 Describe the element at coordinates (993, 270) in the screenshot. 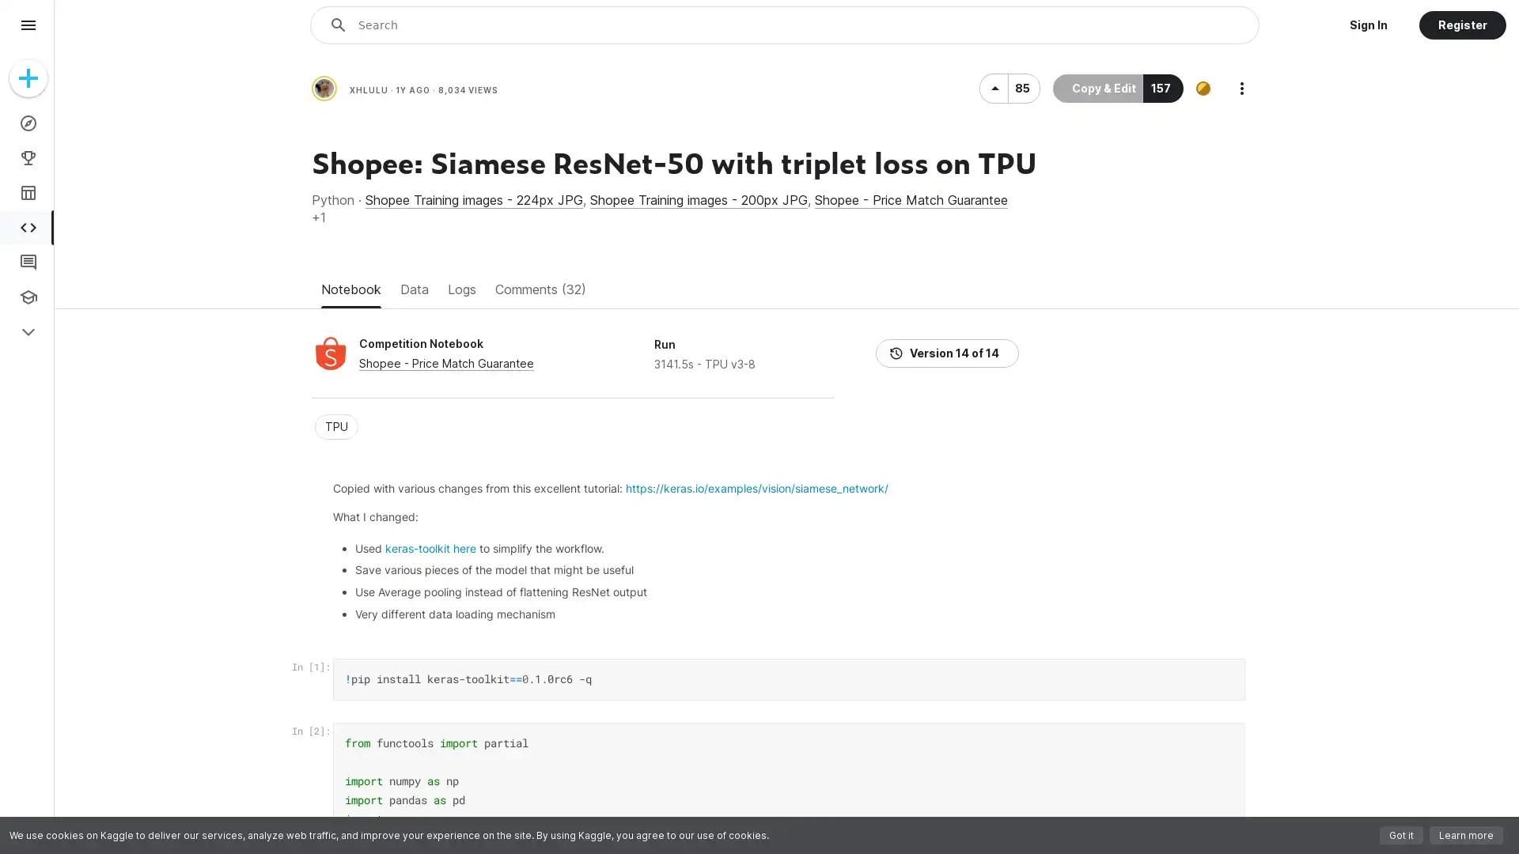

I see `arrow_drop_up` at that location.